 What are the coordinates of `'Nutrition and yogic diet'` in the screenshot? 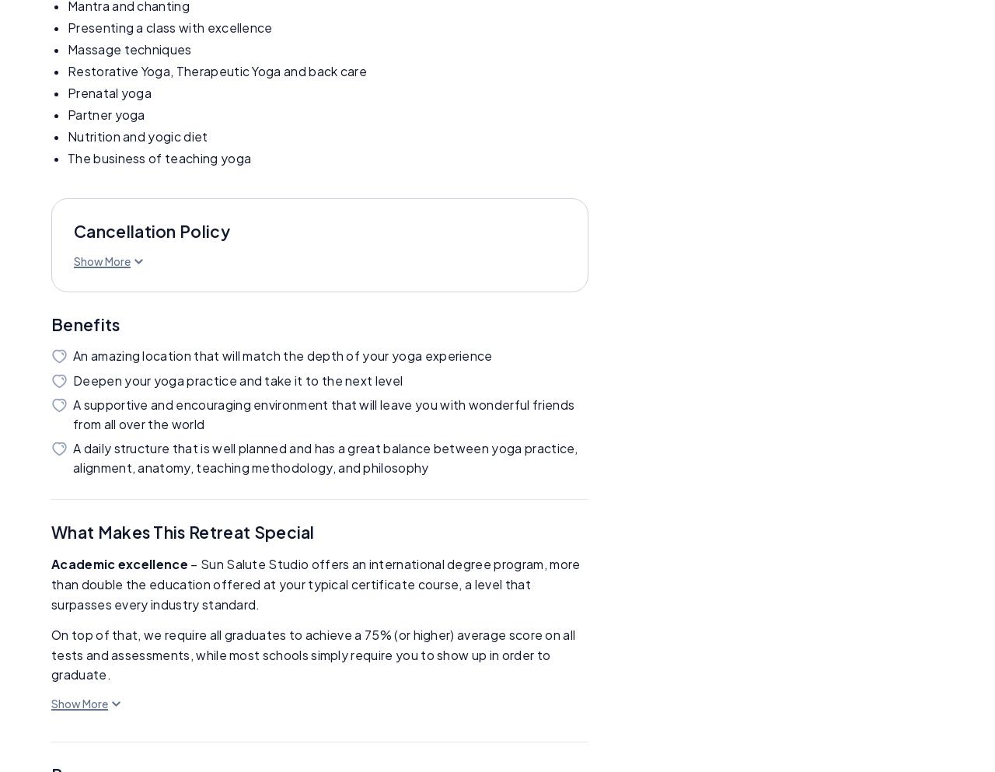 It's located at (138, 135).